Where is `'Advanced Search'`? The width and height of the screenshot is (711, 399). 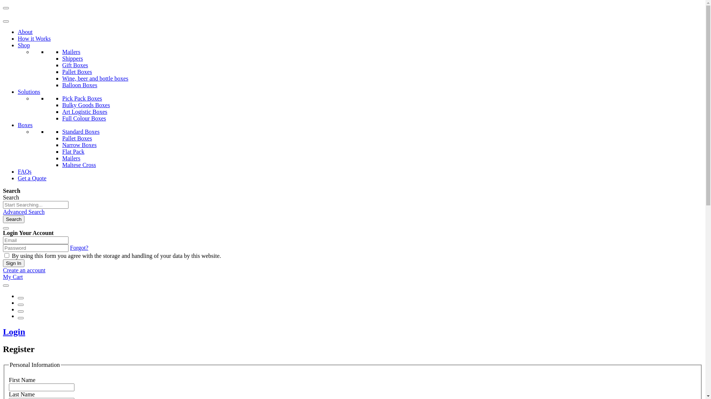
'Advanced Search' is located at coordinates (23, 212).